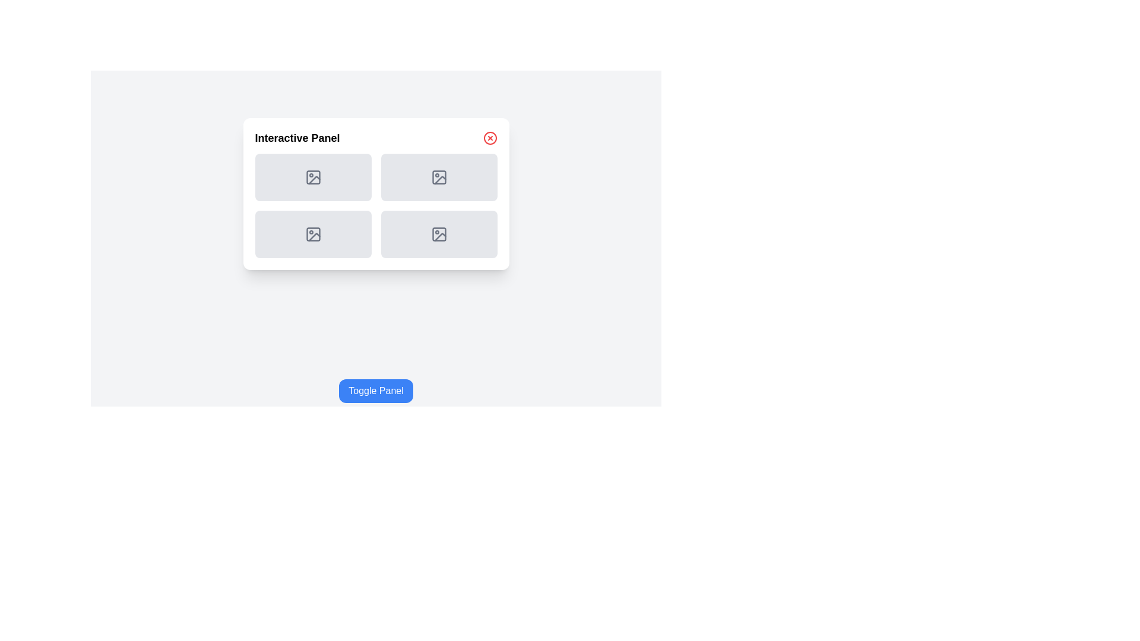 Image resolution: width=1140 pixels, height=641 pixels. Describe the element at coordinates (439, 237) in the screenshot. I see `the appearance of the SVG icon located in the bottom-right tile of a 2x2 grid, which features a diagonal line and an intersecting curve` at that location.